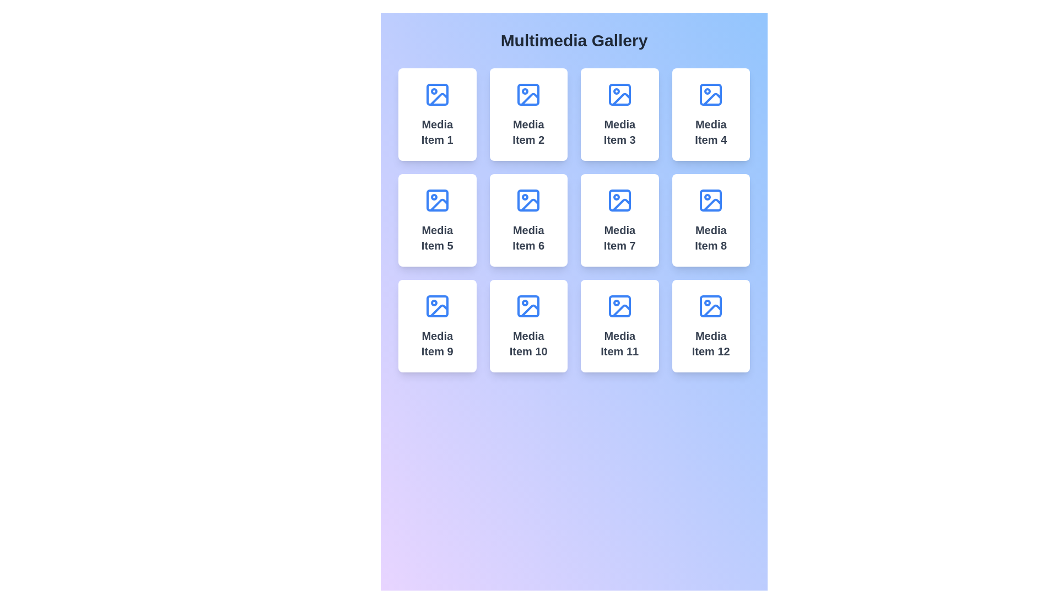  Describe the element at coordinates (573, 40) in the screenshot. I see `text displayed on the 'Multimedia Gallery' Text Label, which is bold and large against a gradient background` at that location.